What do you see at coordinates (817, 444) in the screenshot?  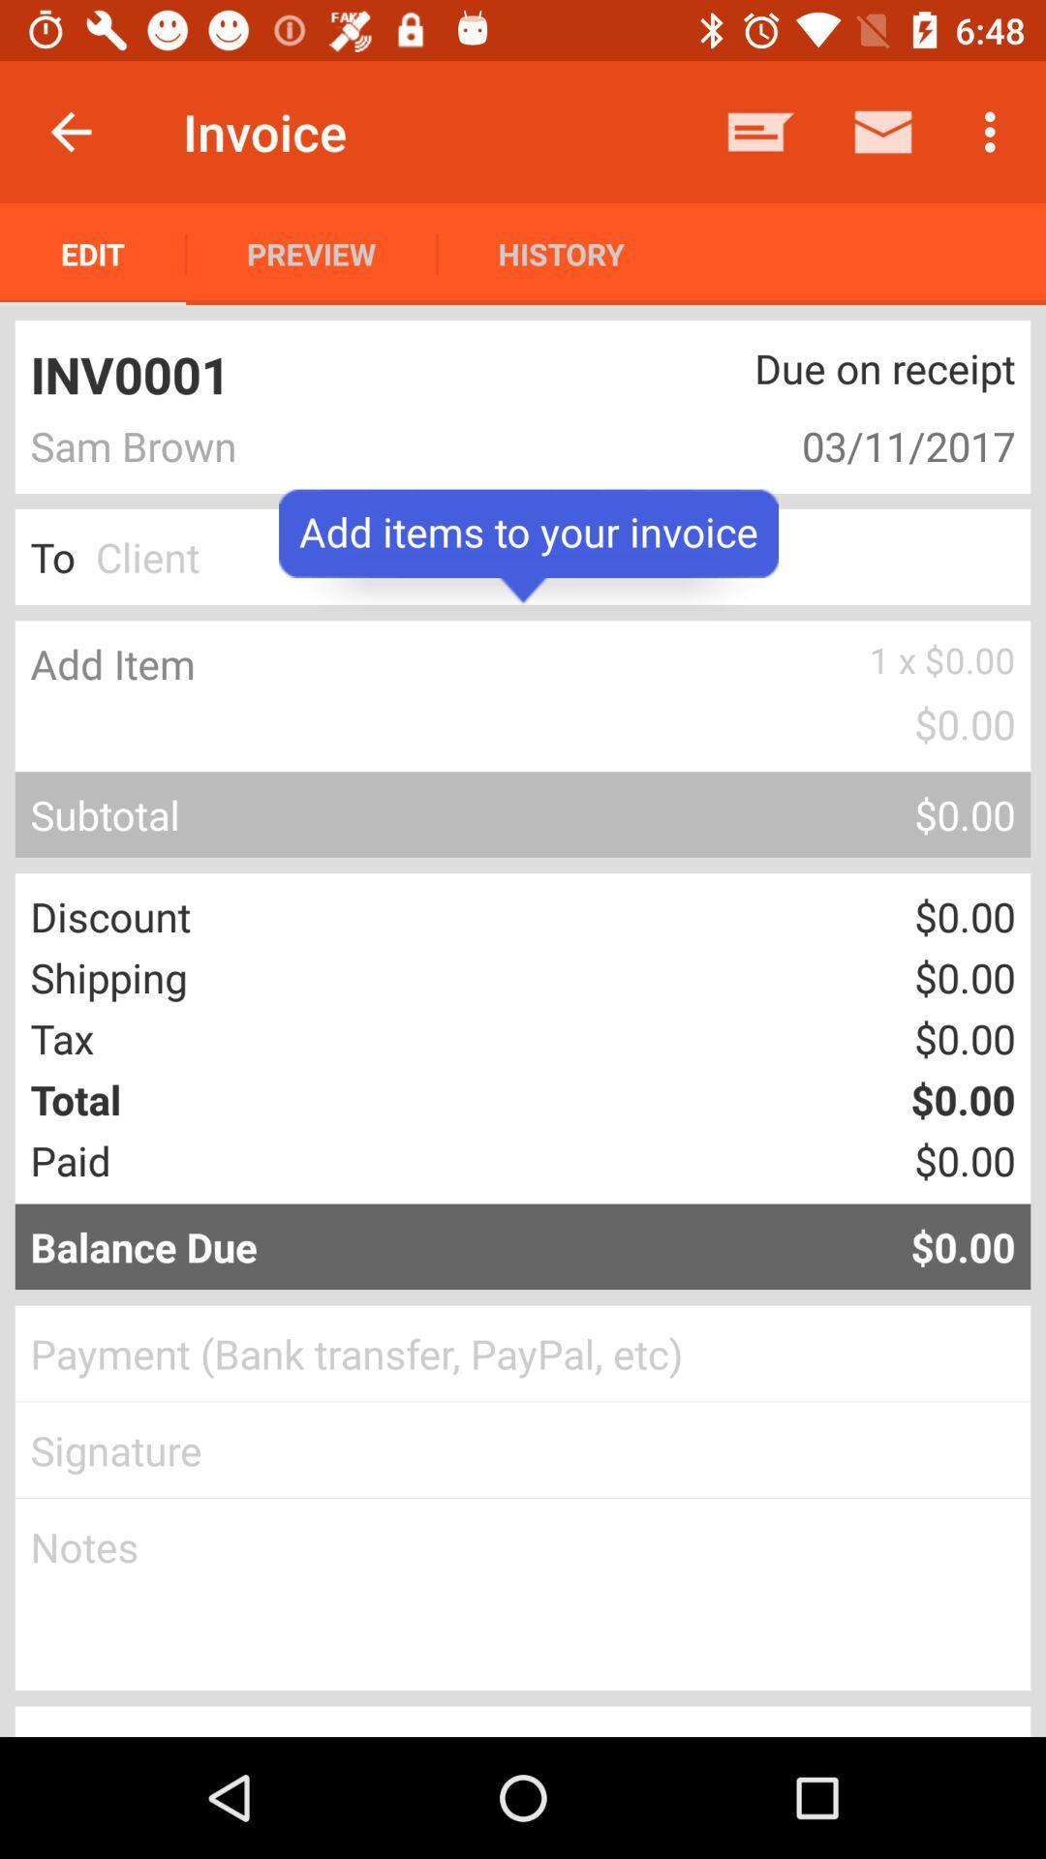 I see `the date below due on receipt` at bounding box center [817, 444].